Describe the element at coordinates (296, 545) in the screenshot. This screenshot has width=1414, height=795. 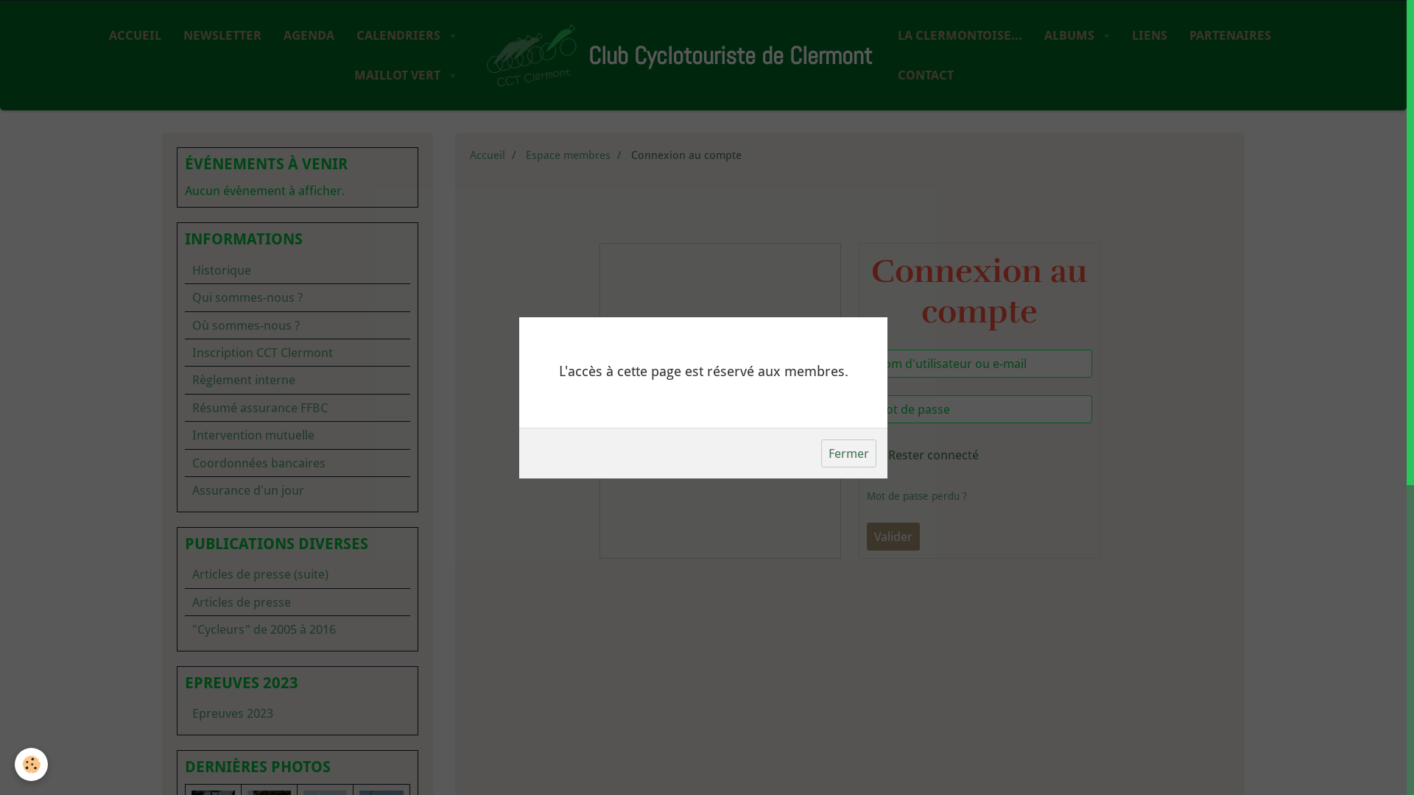
I see `'PUBLICATIONS DIVERSES'` at that location.